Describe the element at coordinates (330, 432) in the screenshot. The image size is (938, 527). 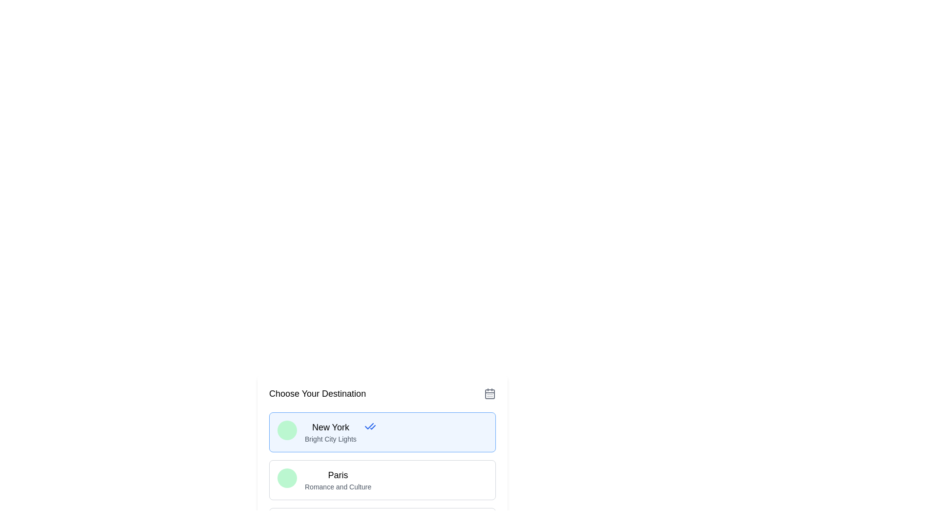
I see `the text label element describing the destination 'New York'` at that location.